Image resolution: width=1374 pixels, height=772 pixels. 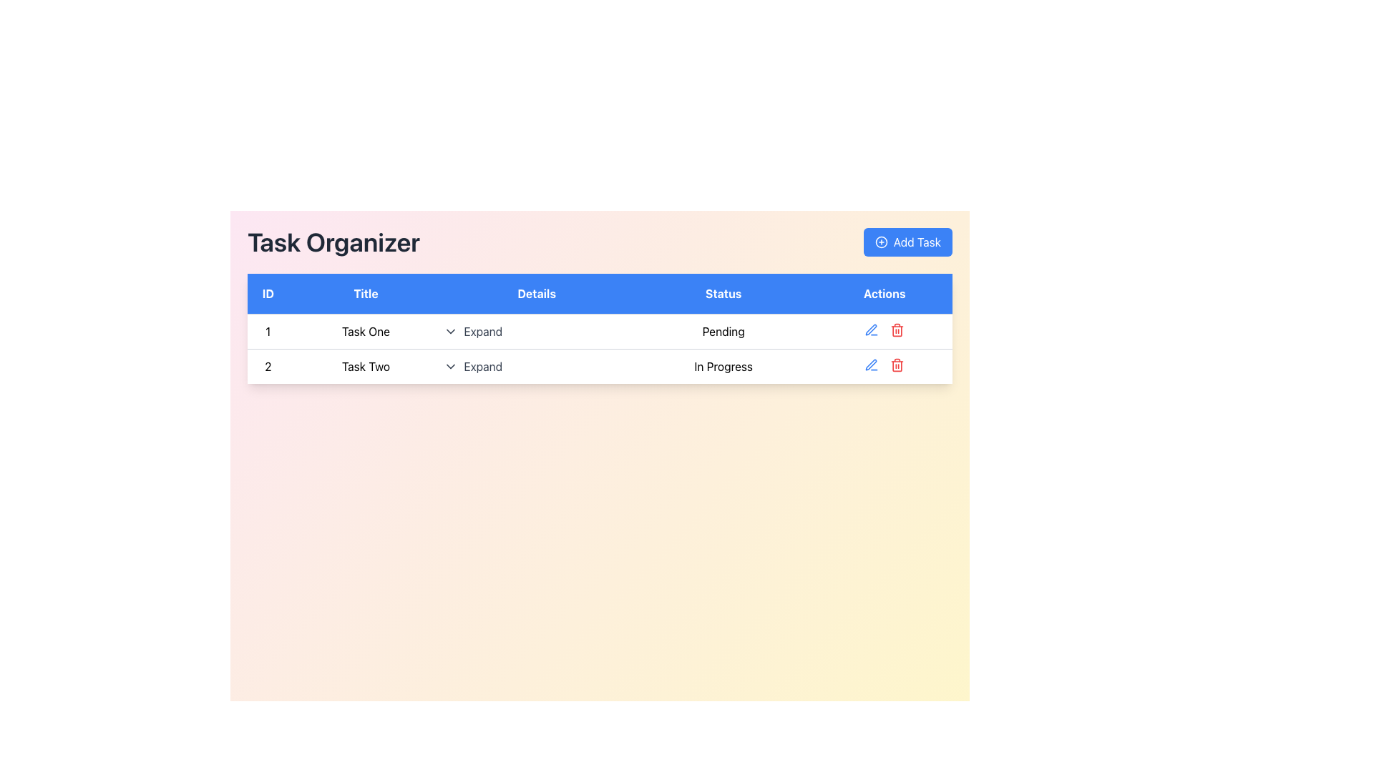 What do you see at coordinates (268, 293) in the screenshot?
I see `the 'ID' table column header to associate it with the column for sorting` at bounding box center [268, 293].